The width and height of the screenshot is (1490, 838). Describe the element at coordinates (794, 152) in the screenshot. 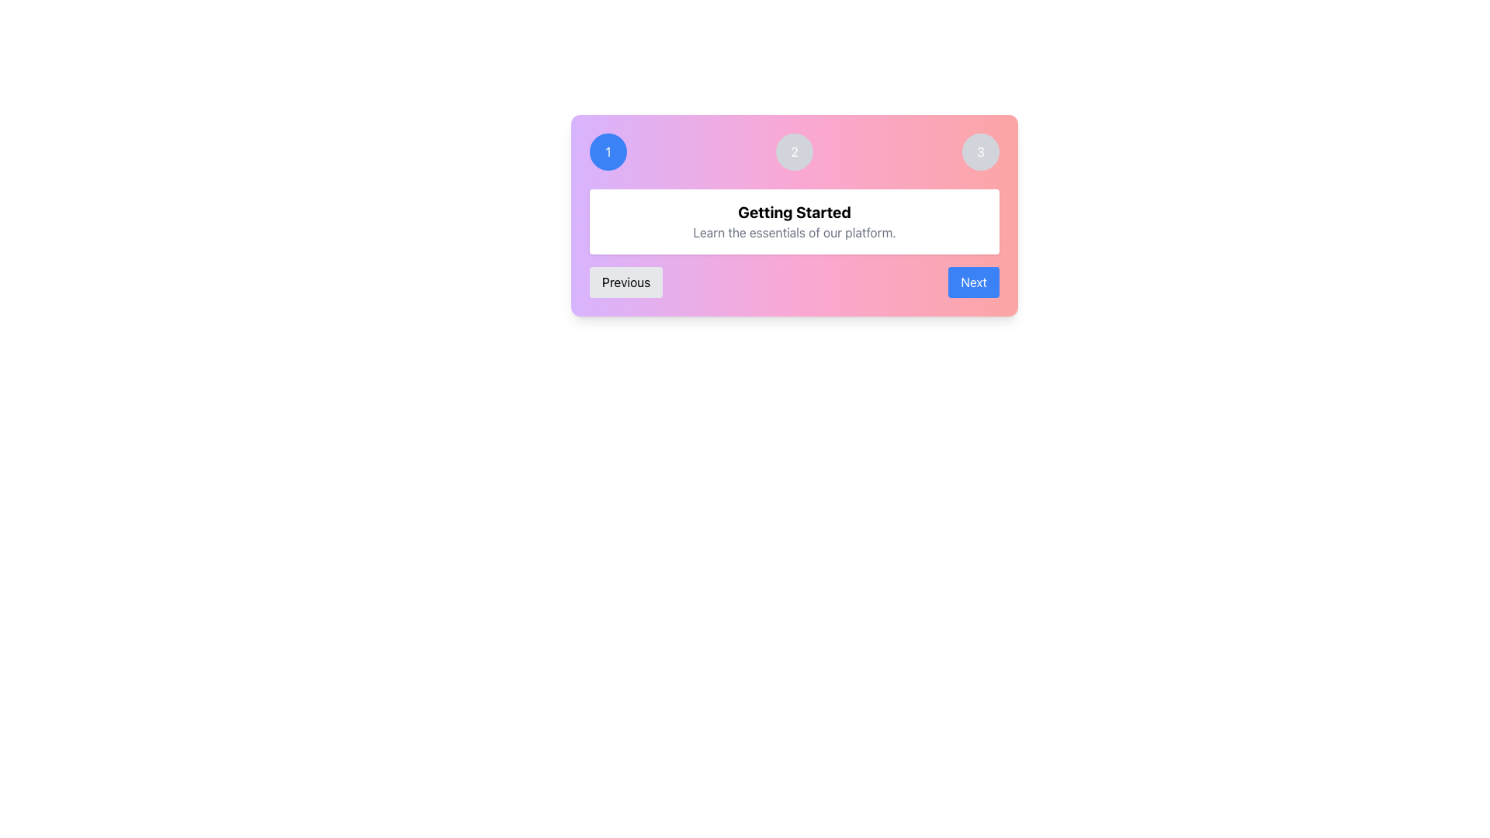

I see `the second step indicator in a three-step process, which is centrally located among its siblings labeled '1' and '3'` at that location.